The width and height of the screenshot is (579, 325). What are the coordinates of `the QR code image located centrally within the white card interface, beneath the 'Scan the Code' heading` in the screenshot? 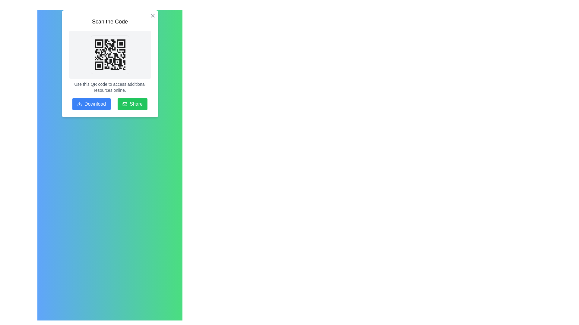 It's located at (110, 54).